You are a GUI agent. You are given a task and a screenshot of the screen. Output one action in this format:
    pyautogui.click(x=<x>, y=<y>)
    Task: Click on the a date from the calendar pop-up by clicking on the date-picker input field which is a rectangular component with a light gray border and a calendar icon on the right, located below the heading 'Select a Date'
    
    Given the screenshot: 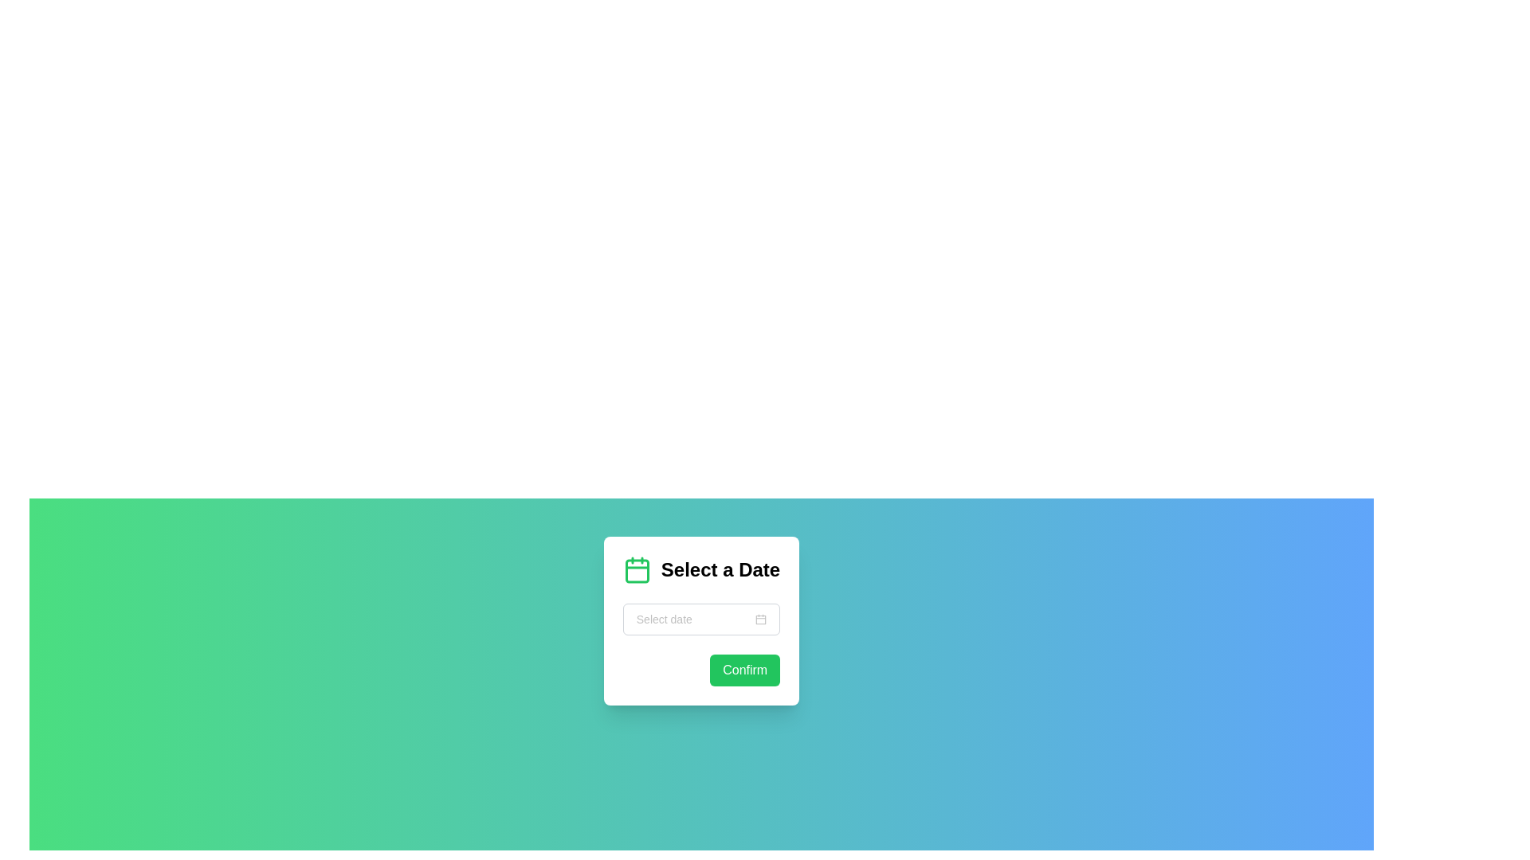 What is the action you would take?
    pyautogui.click(x=701, y=619)
    